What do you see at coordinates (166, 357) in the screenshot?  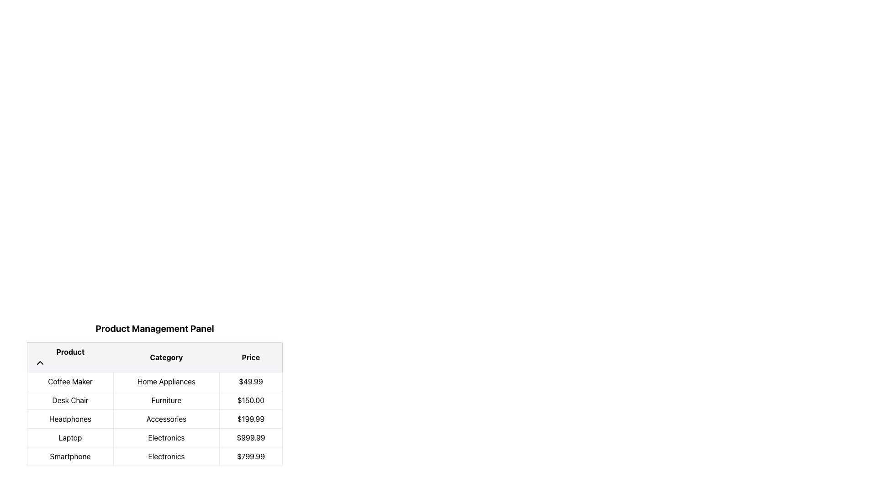 I see `text displayed in the 'Category' table header, which is bold and centered within a gray rectangular background, located between the 'Product' and 'Price' column headers` at bounding box center [166, 357].